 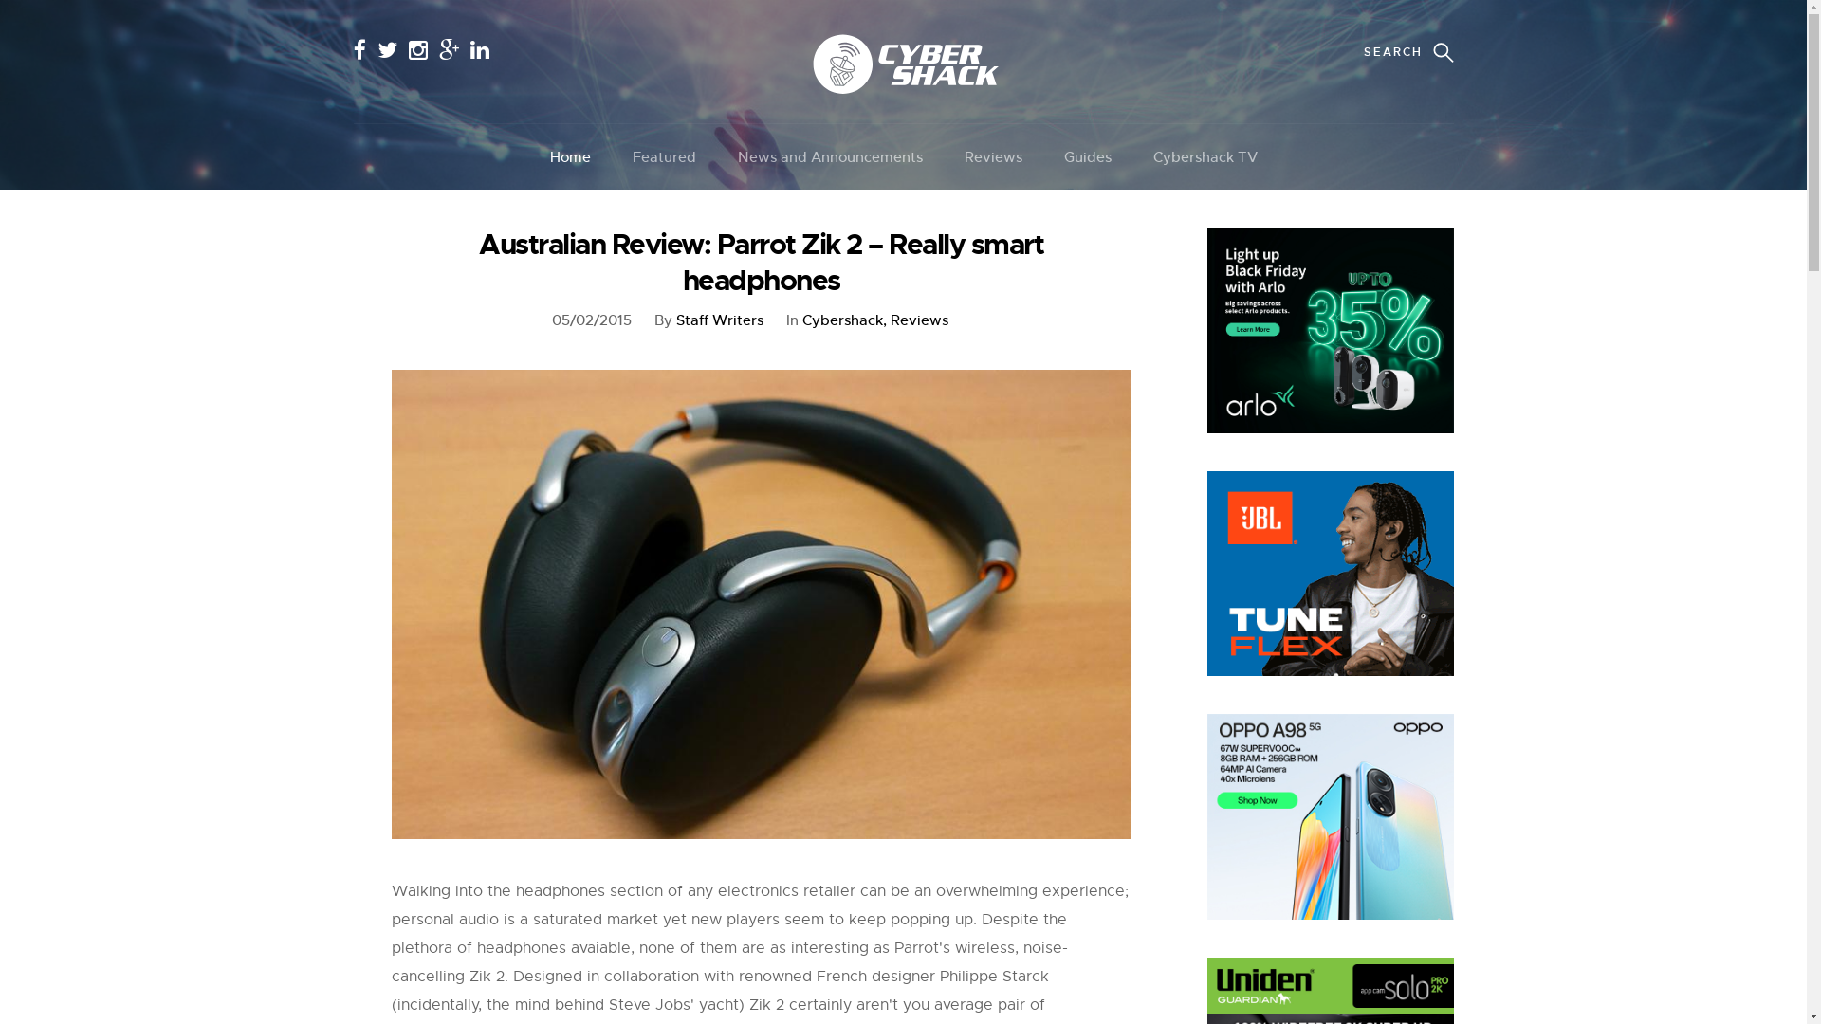 I want to click on 'Cybershack TV', so click(x=1205, y=155).